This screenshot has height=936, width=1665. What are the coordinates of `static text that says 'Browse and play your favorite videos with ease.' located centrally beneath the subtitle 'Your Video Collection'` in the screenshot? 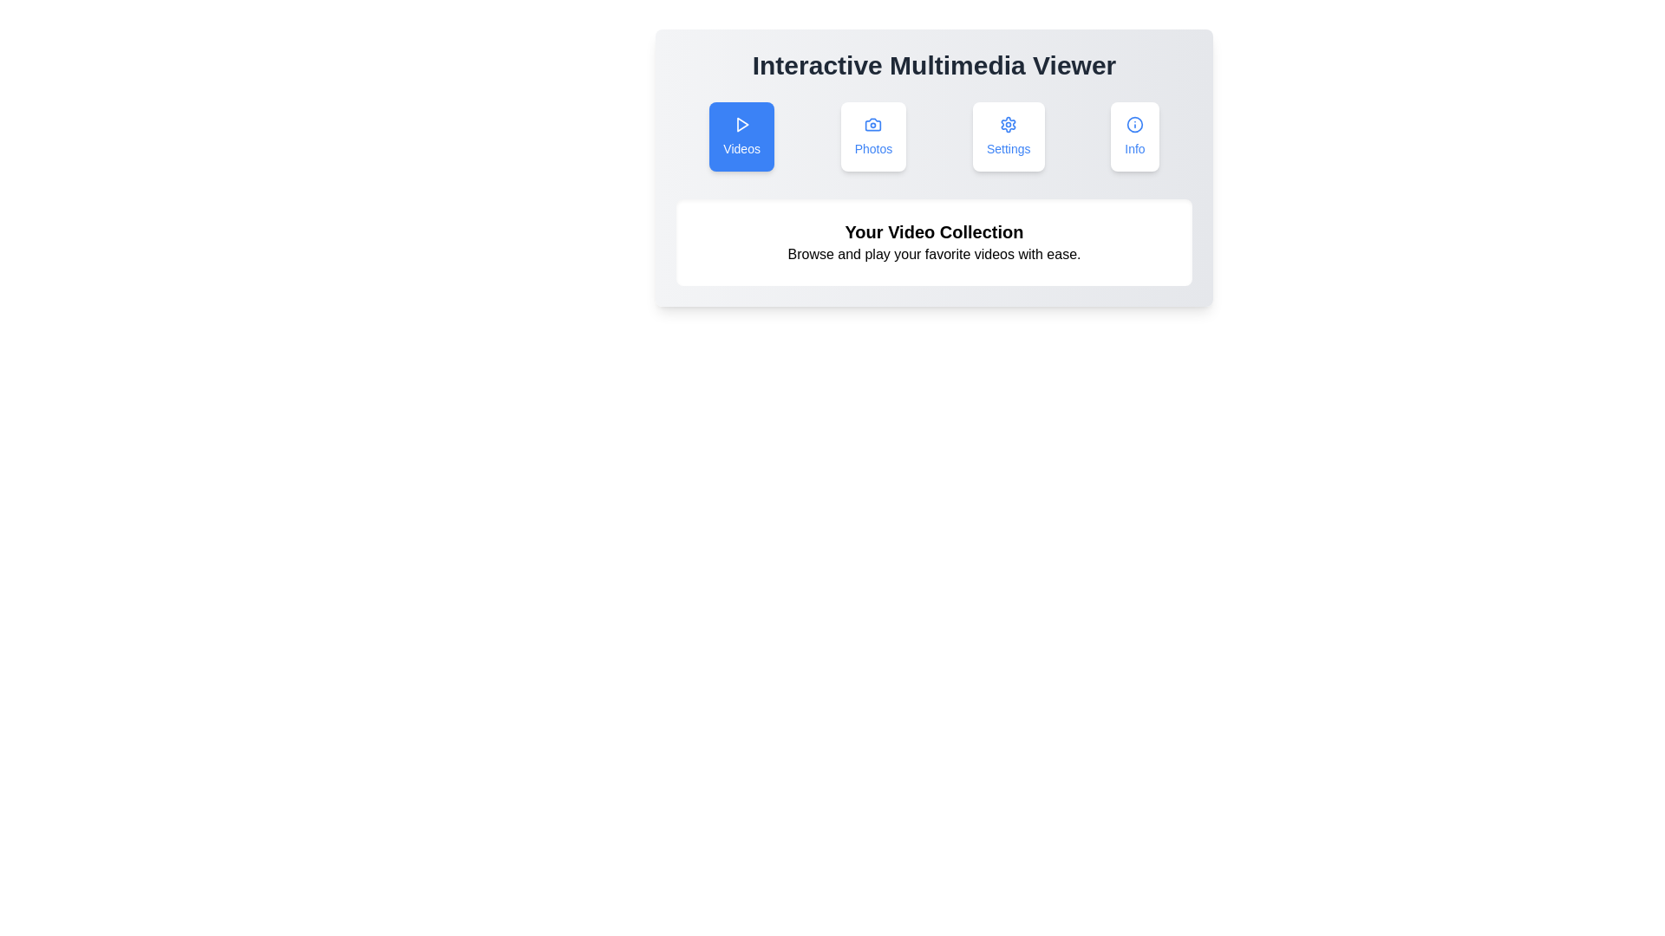 It's located at (933, 254).